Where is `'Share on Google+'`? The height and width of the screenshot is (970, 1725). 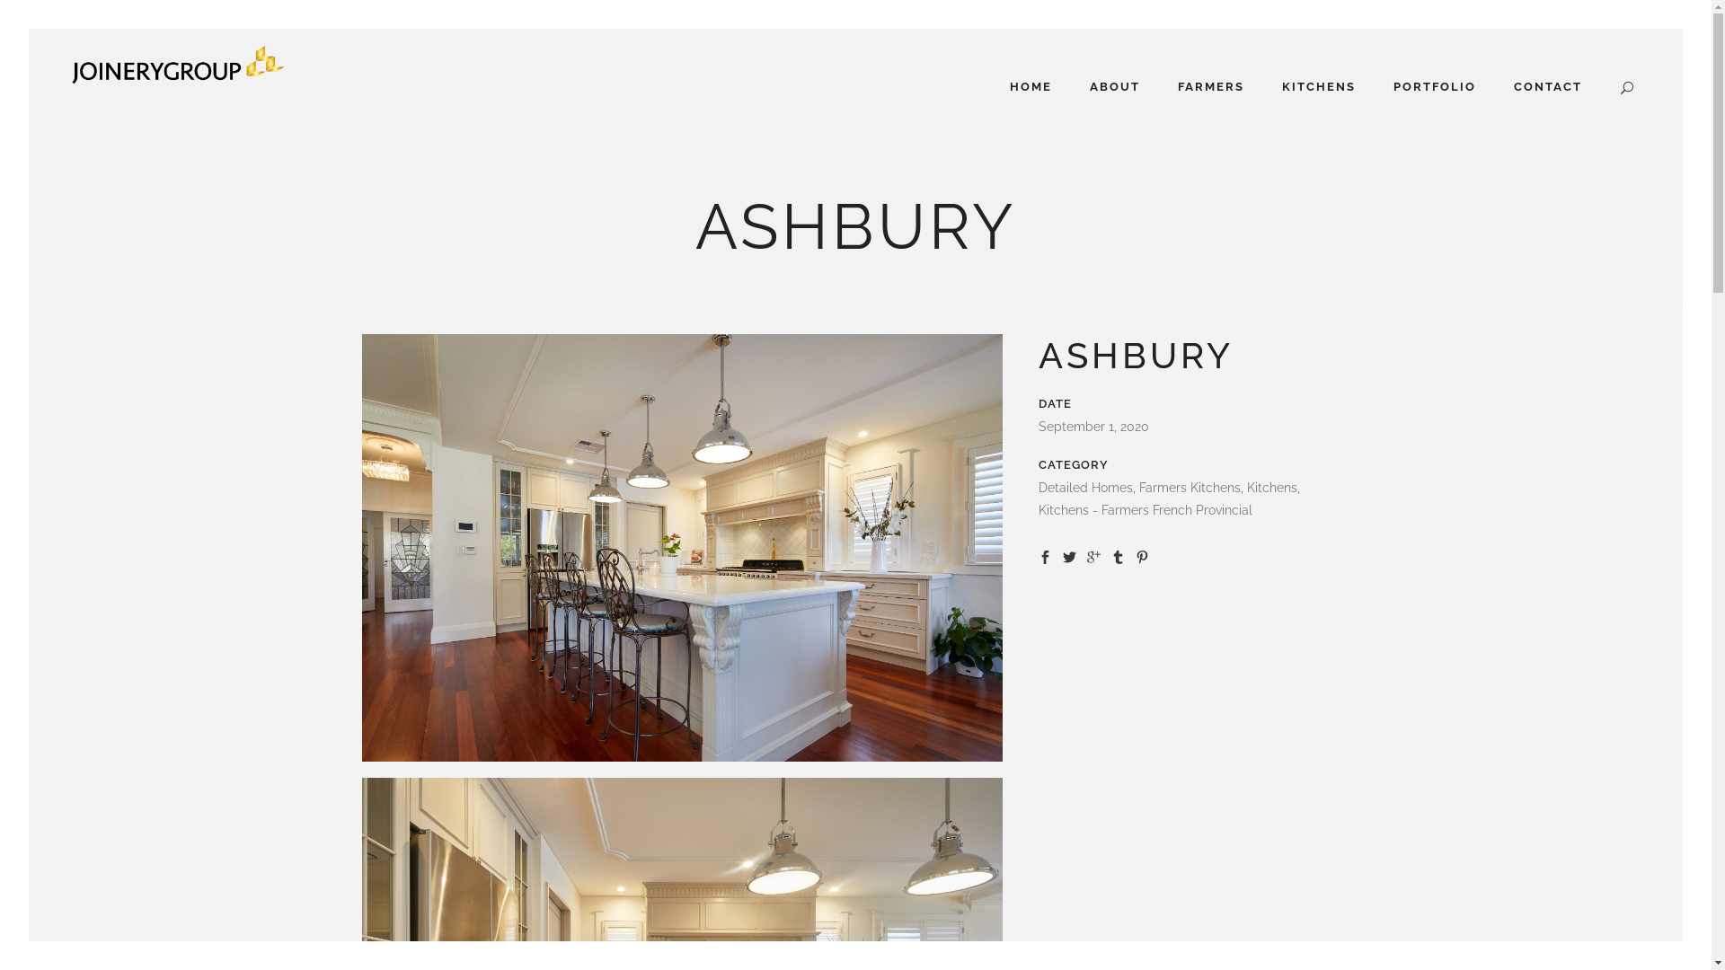 'Share on Google+' is located at coordinates (1092, 554).